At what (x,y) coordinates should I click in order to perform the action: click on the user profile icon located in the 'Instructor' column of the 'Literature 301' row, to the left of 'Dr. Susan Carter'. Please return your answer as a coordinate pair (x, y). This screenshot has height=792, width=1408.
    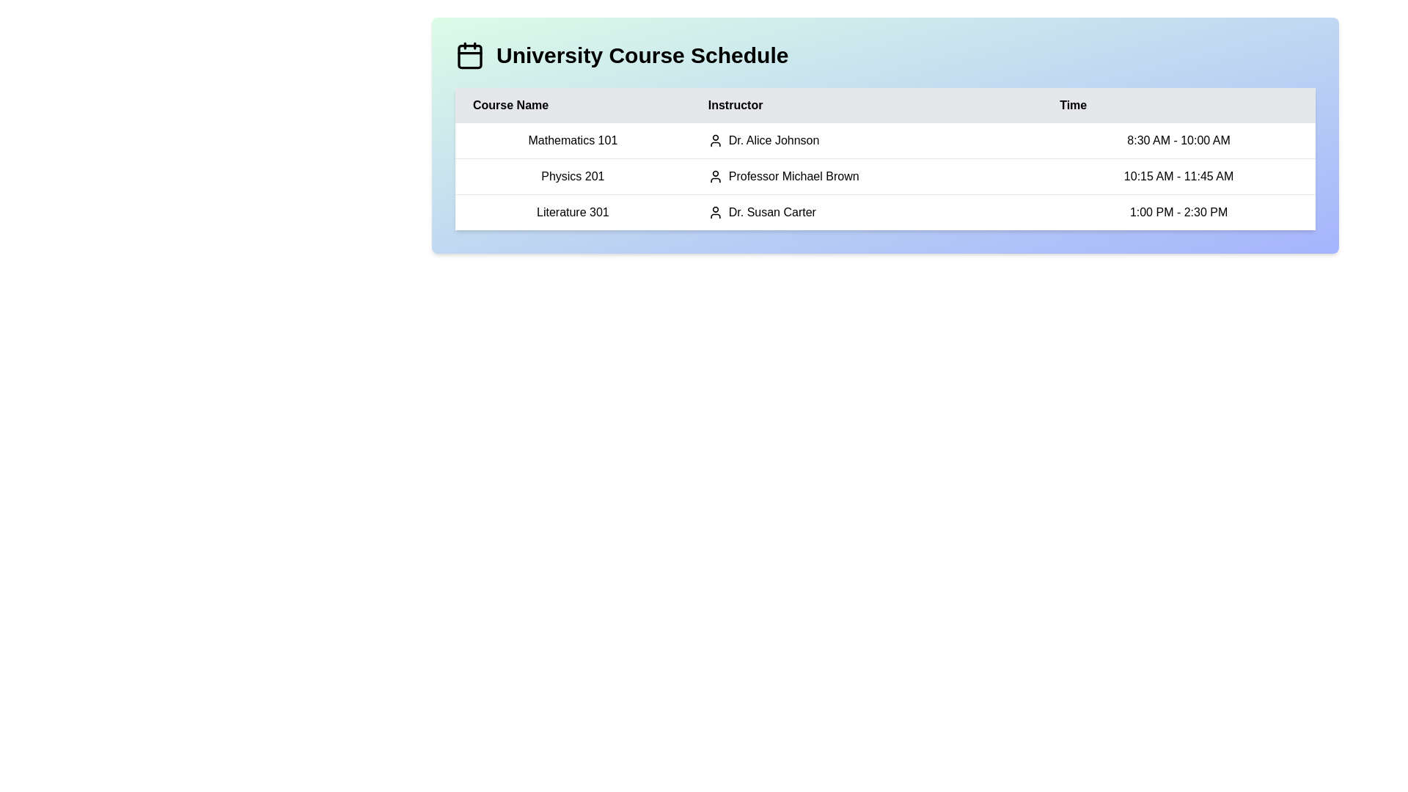
    Looking at the image, I should click on (715, 212).